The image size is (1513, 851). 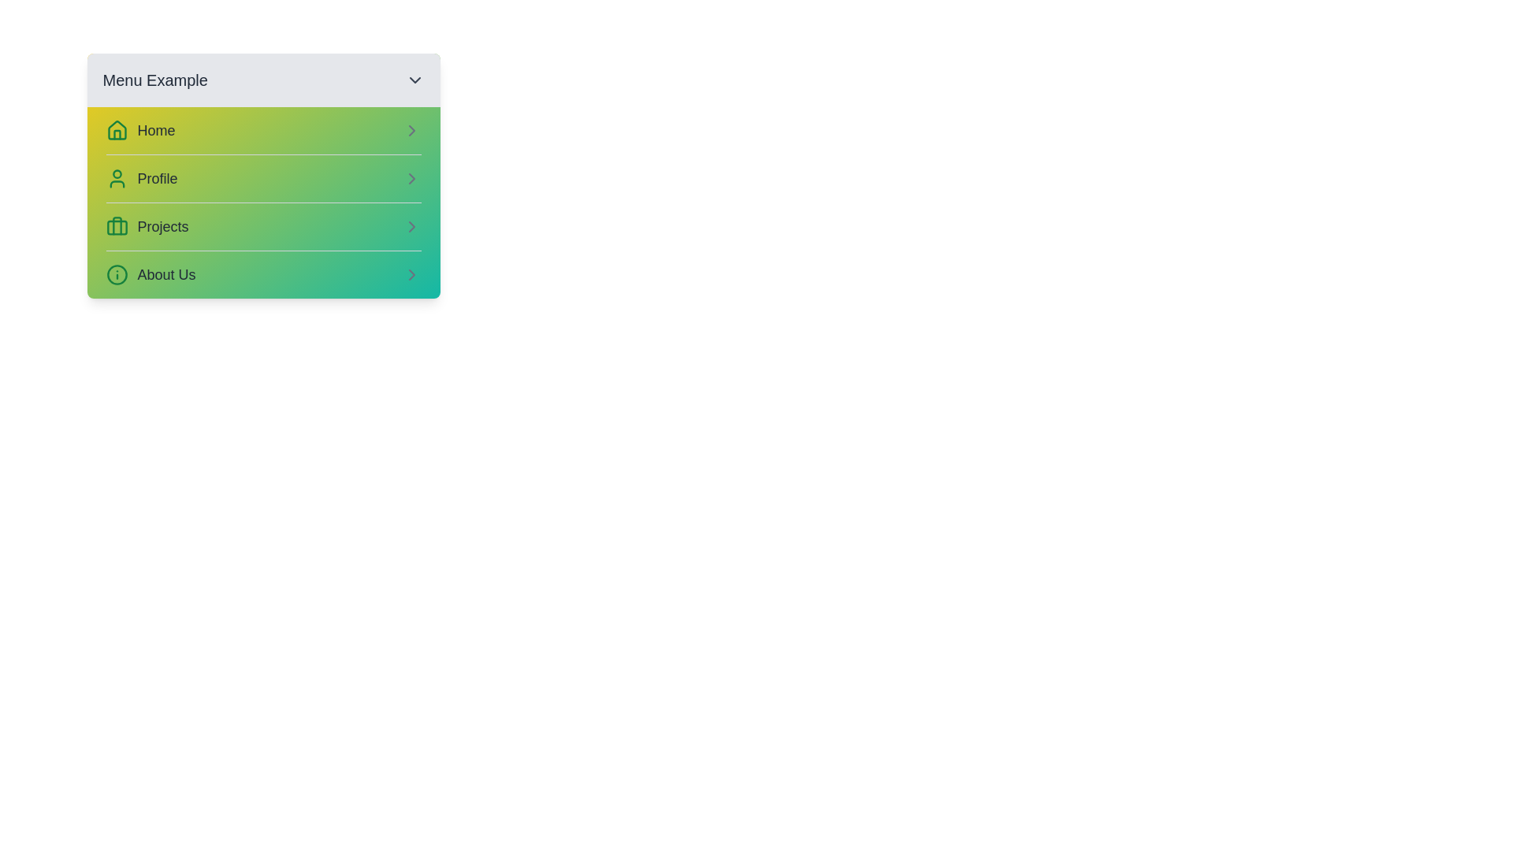 What do you see at coordinates (263, 226) in the screenshot?
I see `the menu item Projects` at bounding box center [263, 226].